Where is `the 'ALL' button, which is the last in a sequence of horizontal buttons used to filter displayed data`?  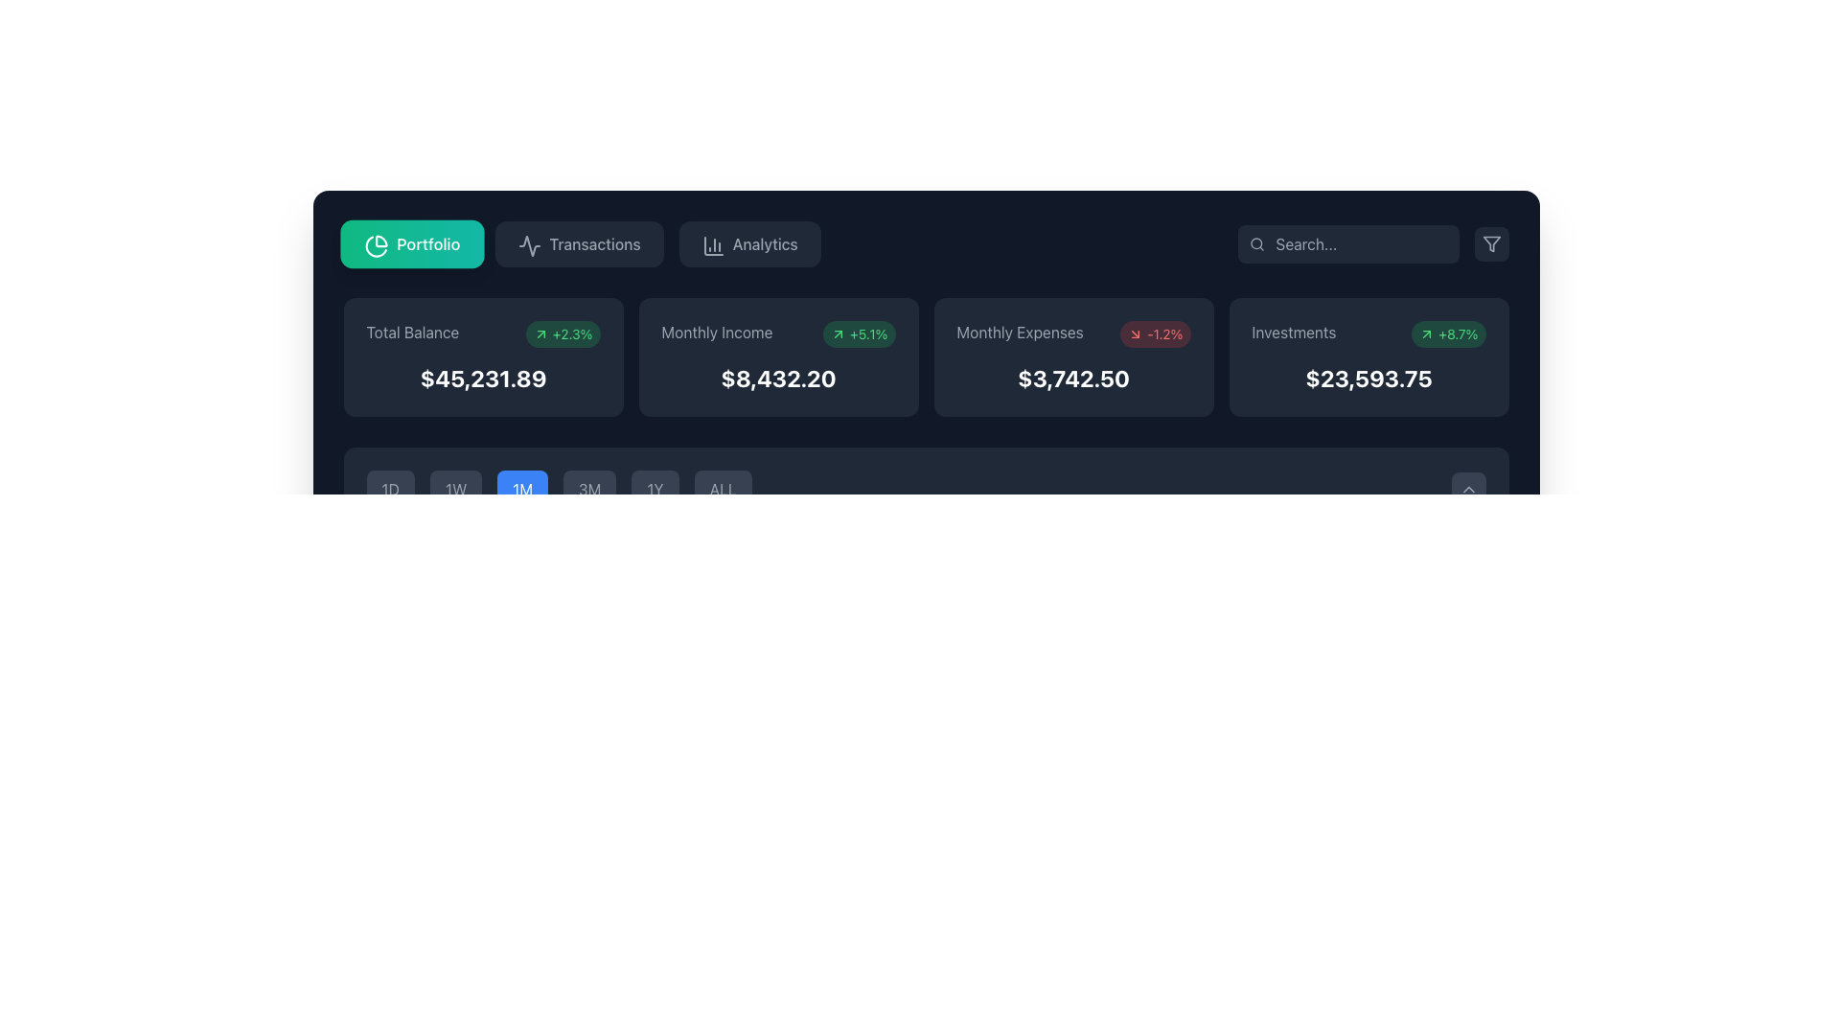
the 'ALL' button, which is the last in a sequence of horizontal buttons used to filter displayed data is located at coordinates (722, 488).